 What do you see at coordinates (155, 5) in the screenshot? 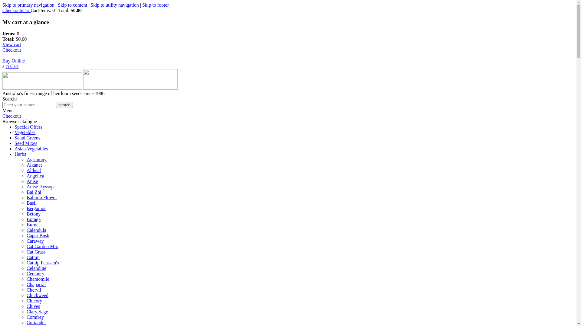
I see `'Skip to footer'` at bounding box center [155, 5].